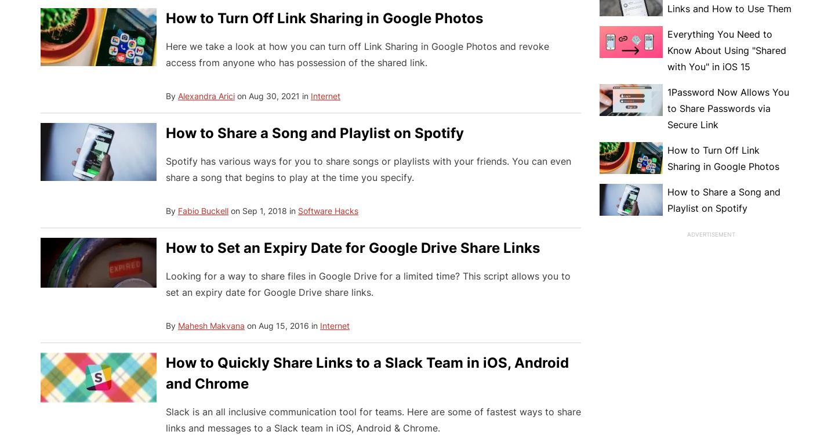 The image size is (835, 435). What do you see at coordinates (368, 283) in the screenshot?
I see `'Looking for a way to share files in Google Drive for a limited time? This script allows you to set an expiry date for Google Drive share links.'` at bounding box center [368, 283].